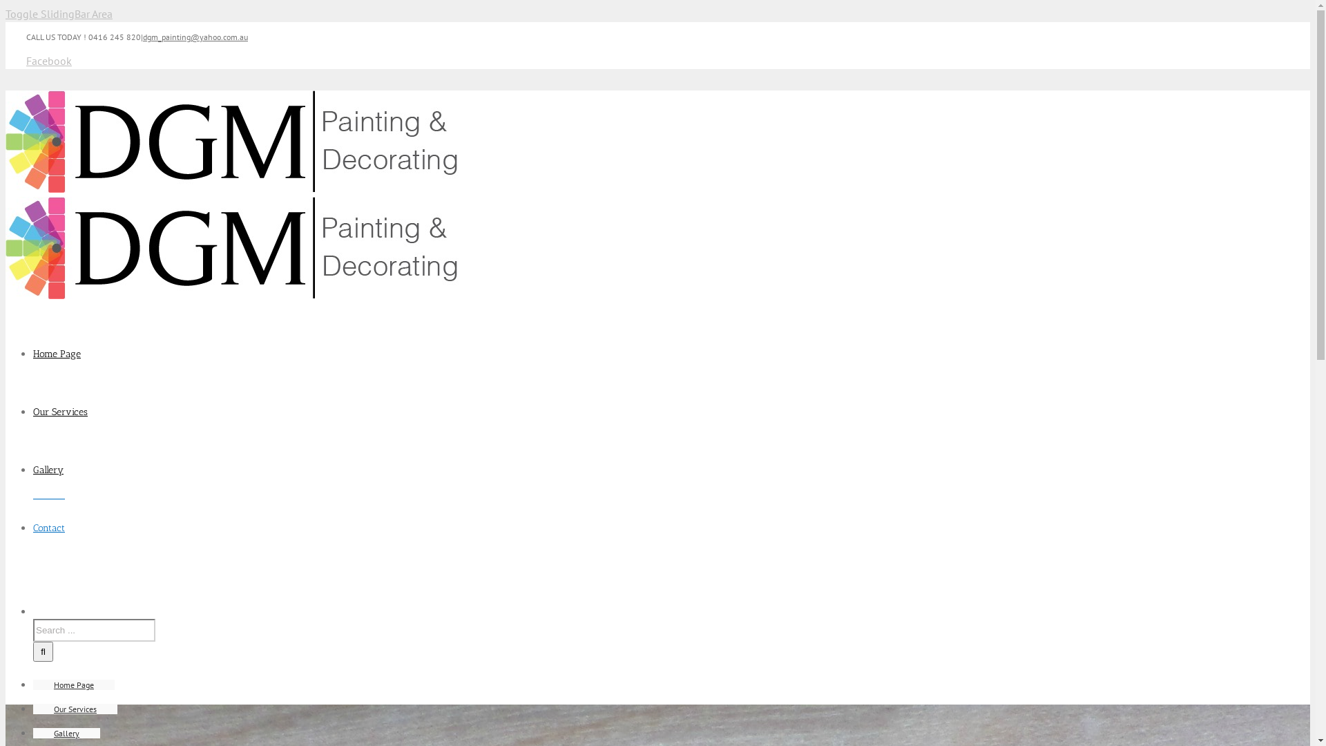 Image resolution: width=1326 pixels, height=746 pixels. Describe the element at coordinates (33, 527) in the screenshot. I see `'Contact'` at that location.